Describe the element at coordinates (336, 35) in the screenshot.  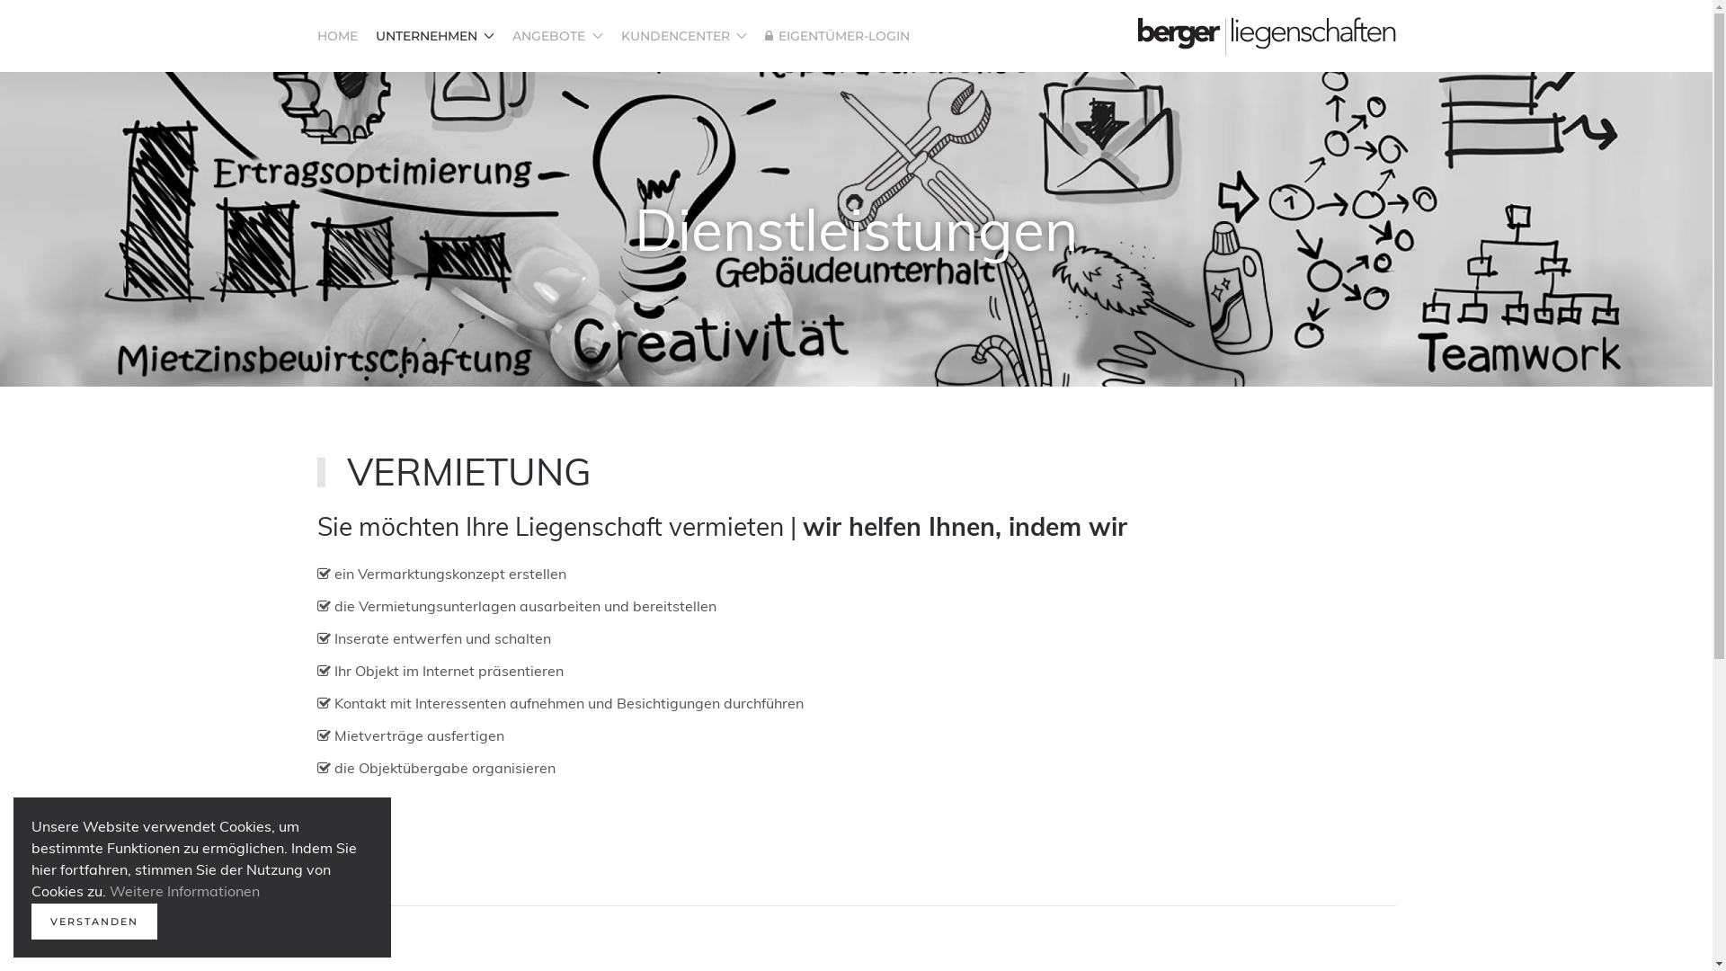
I see `'HOME'` at that location.